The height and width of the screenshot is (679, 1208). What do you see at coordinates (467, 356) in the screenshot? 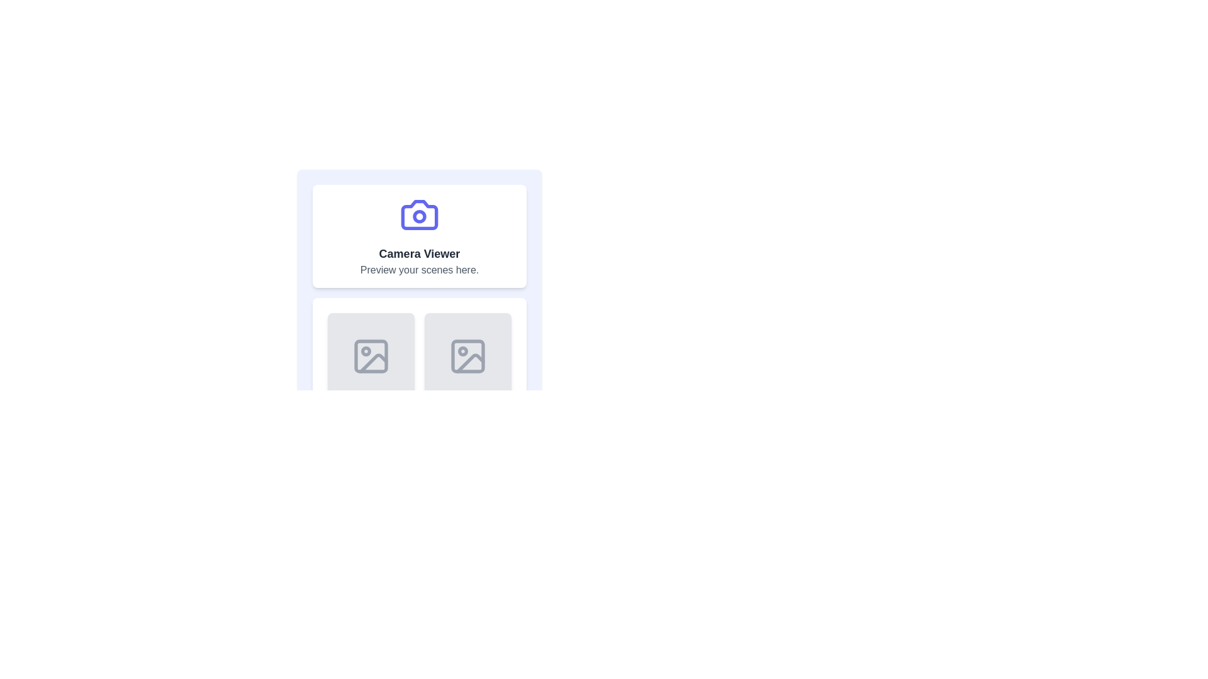
I see `the image-related icon located in the bottom-right area of the grid, specifically in the second row and second column` at bounding box center [467, 356].